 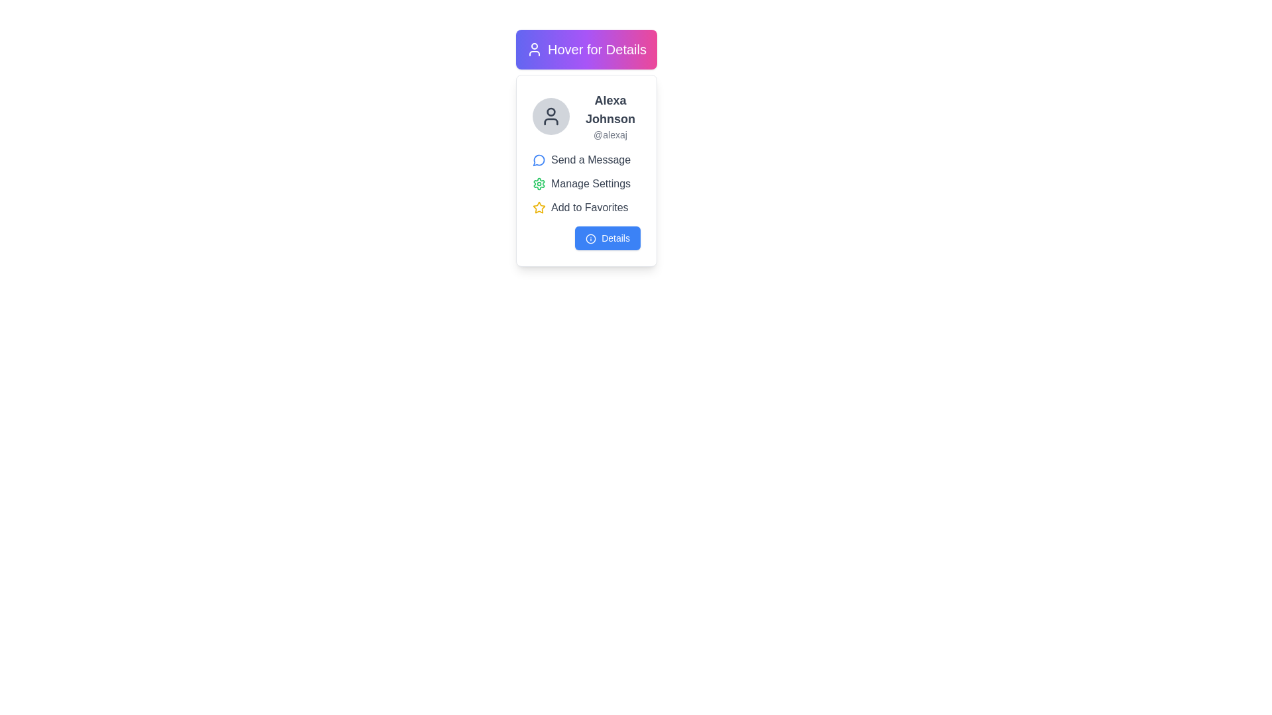 I want to click on the yellow star icon located next to the phrase 'Add to Favorites' in the middle-right section of the user information layout, so click(x=539, y=207).